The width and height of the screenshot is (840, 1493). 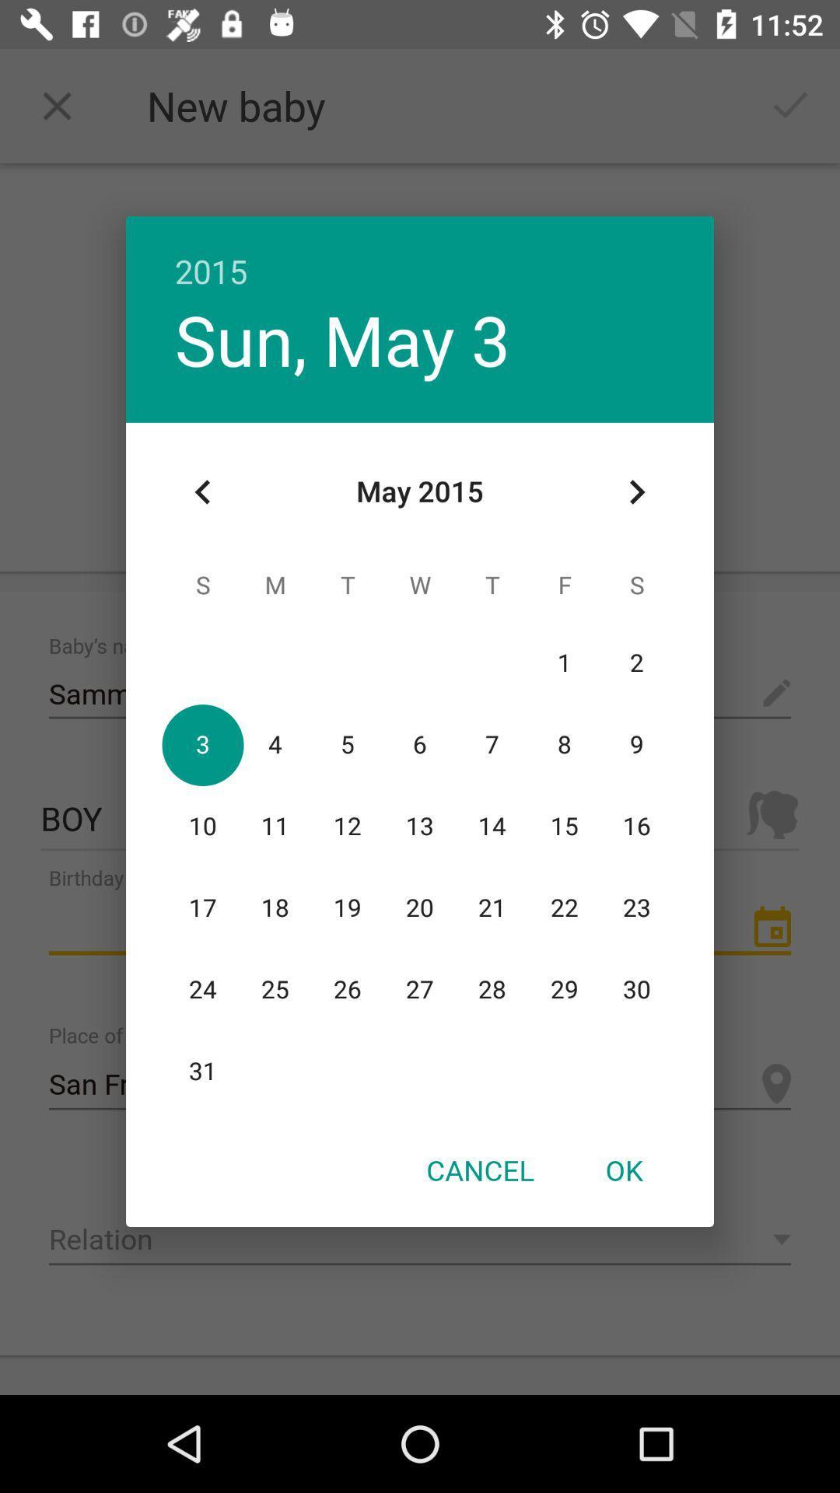 I want to click on the ok, so click(x=623, y=1170).